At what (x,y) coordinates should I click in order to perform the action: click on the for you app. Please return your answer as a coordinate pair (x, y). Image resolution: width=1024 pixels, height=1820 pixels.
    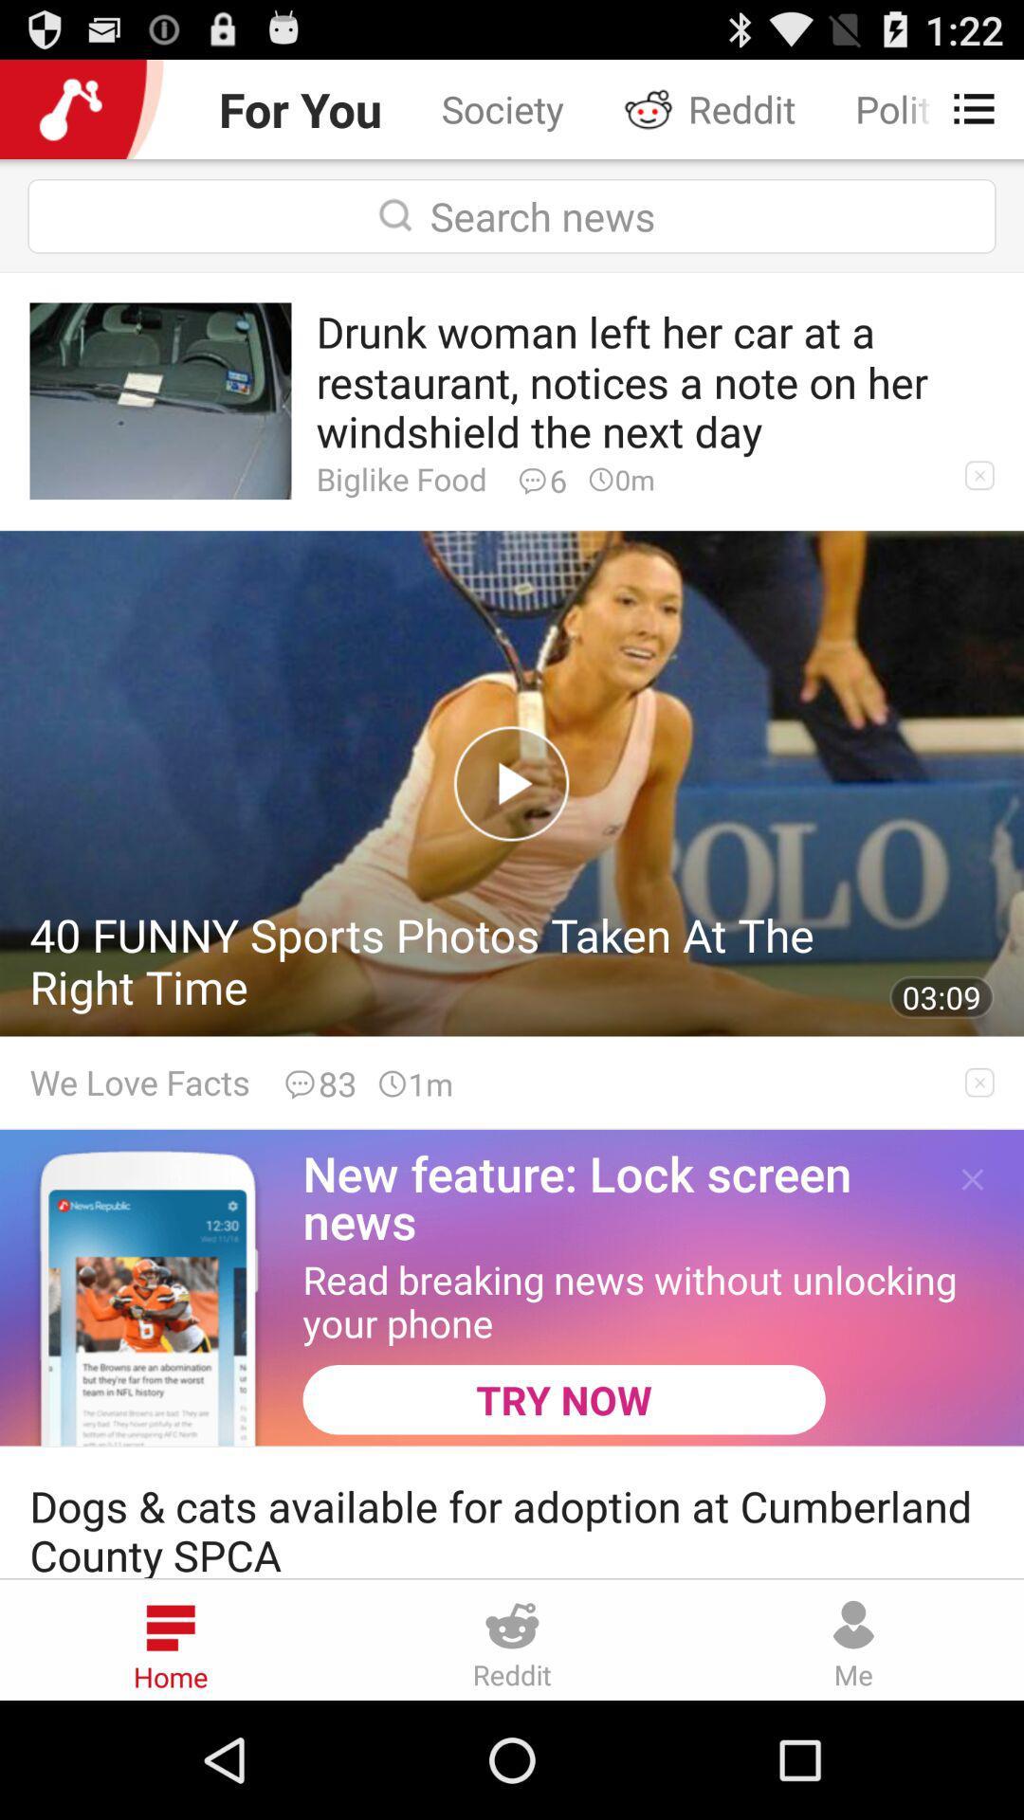
    Looking at the image, I should click on (299, 108).